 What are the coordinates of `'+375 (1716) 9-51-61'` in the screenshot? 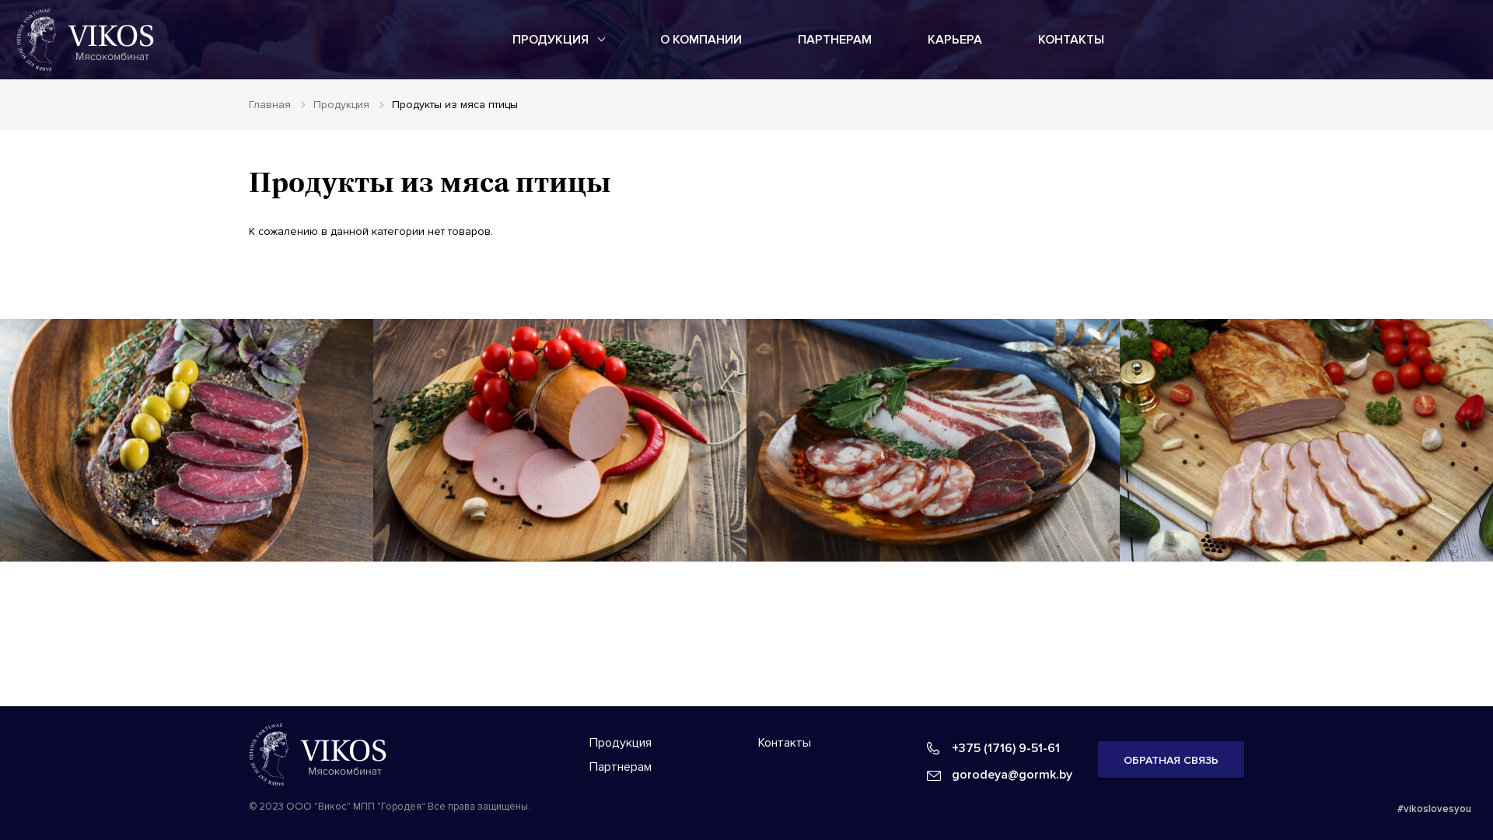 It's located at (992, 747).